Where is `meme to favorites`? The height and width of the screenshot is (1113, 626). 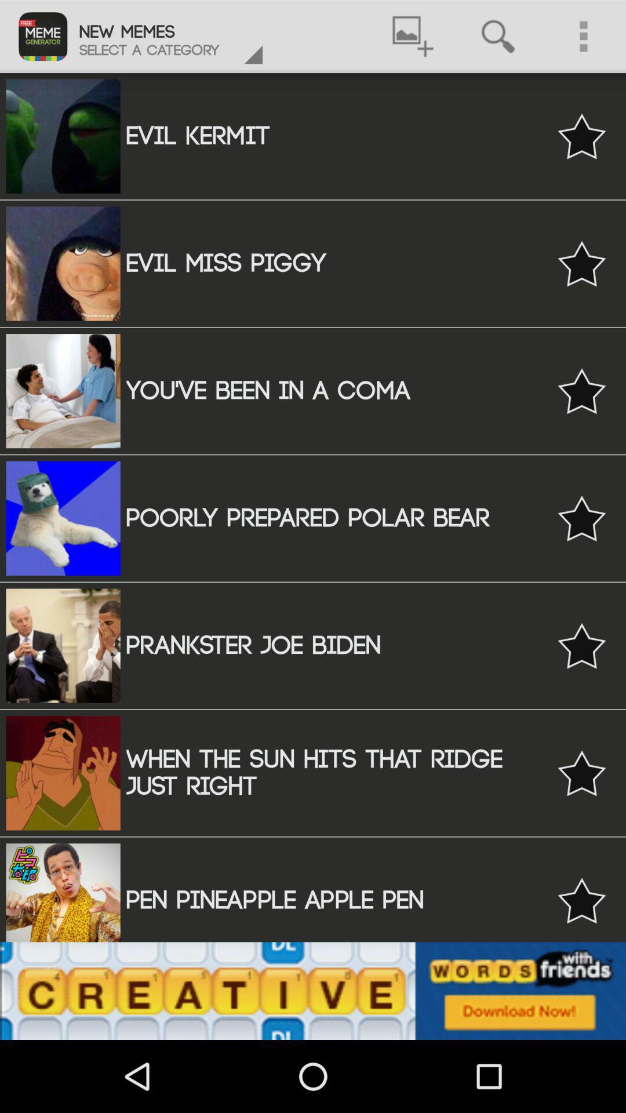 meme to favorites is located at coordinates (581, 136).